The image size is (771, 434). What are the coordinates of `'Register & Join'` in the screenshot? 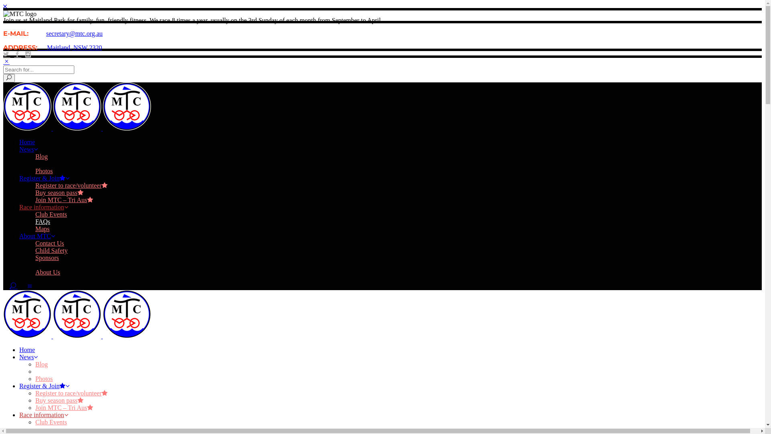 It's located at (44, 385).